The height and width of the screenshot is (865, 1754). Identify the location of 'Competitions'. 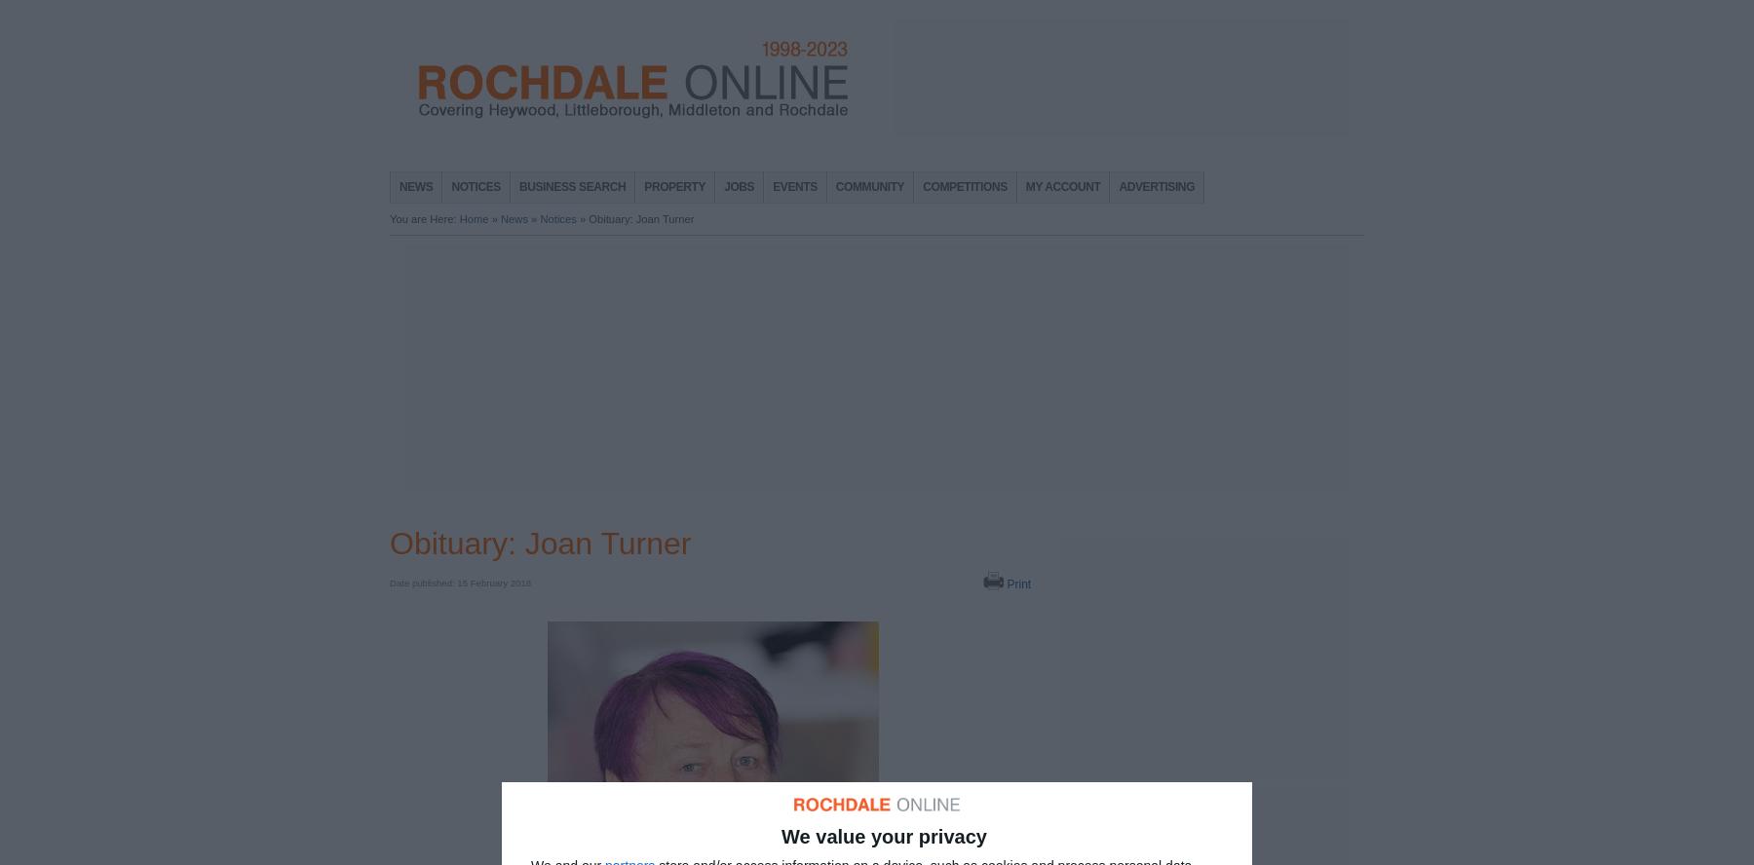
(964, 185).